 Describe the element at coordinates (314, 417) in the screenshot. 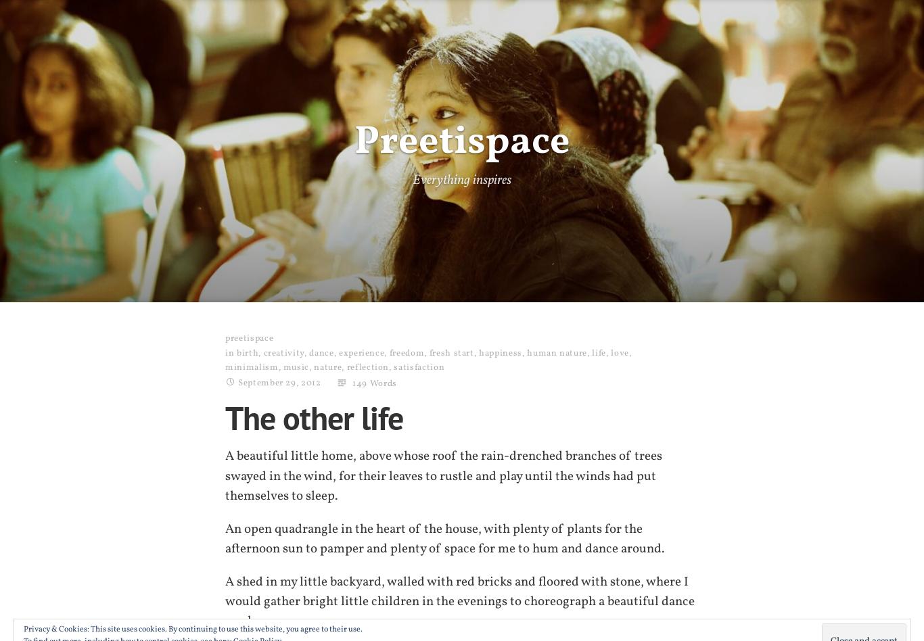

I see `'The other life'` at that location.